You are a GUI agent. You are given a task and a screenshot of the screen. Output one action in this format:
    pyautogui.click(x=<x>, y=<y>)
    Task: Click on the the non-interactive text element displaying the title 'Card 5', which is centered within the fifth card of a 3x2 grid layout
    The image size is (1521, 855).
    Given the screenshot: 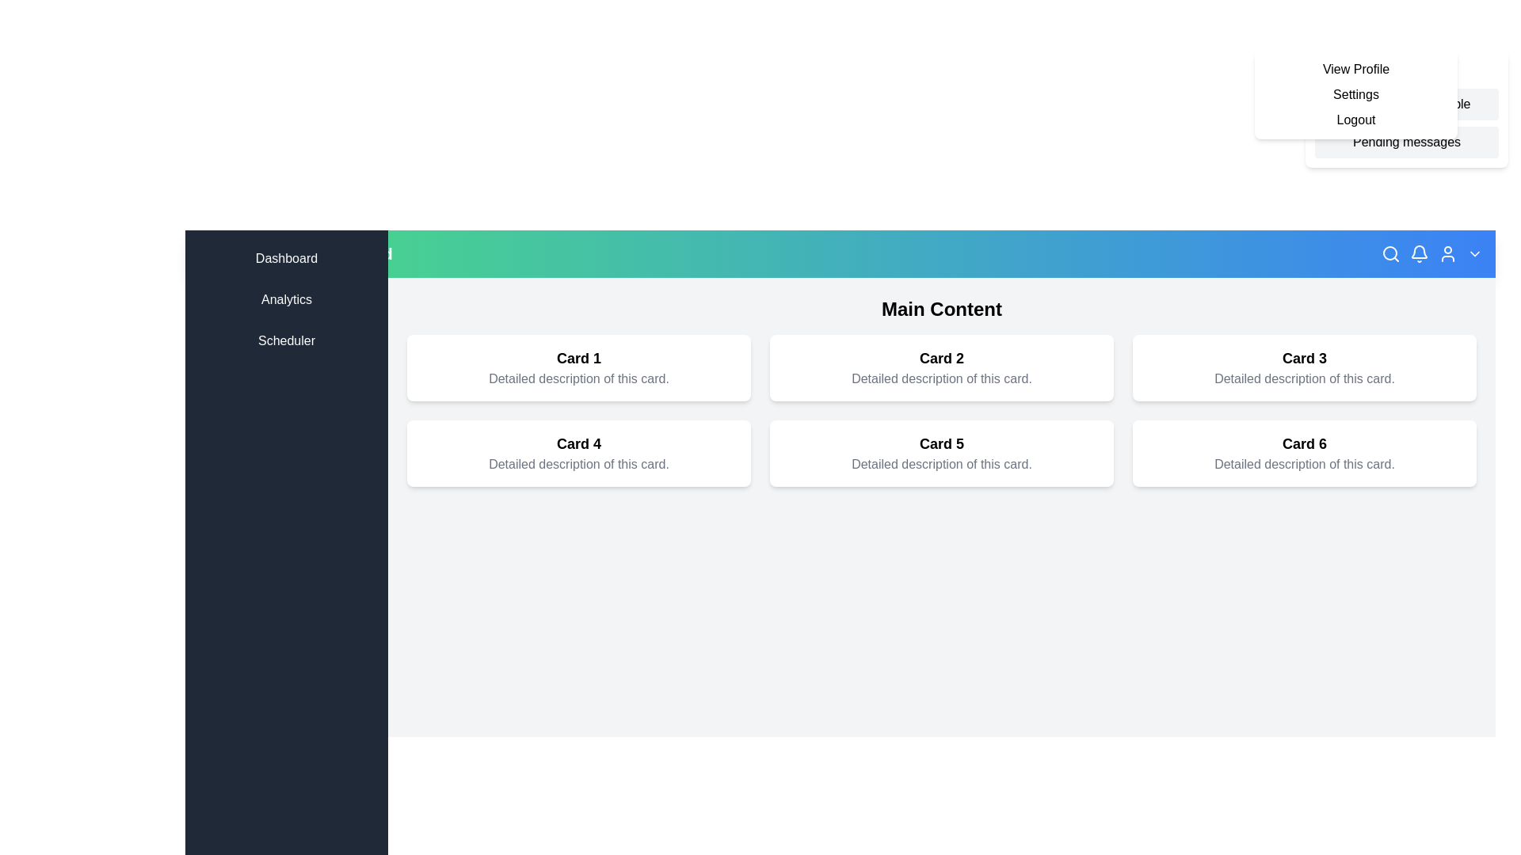 What is the action you would take?
    pyautogui.click(x=942, y=443)
    